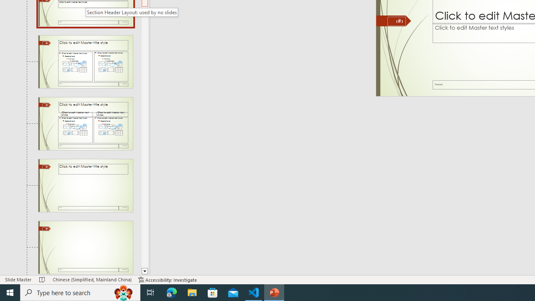 The image size is (535, 301). Describe the element at coordinates (396, 21) in the screenshot. I see `'Slide Number'` at that location.